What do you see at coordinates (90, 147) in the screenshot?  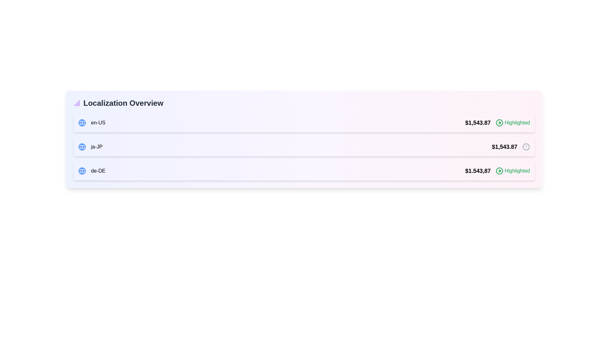 I see `locale text 'ja-JP' from the Text Label located in the second row, positioned to the right of a blue globe icon` at bounding box center [90, 147].